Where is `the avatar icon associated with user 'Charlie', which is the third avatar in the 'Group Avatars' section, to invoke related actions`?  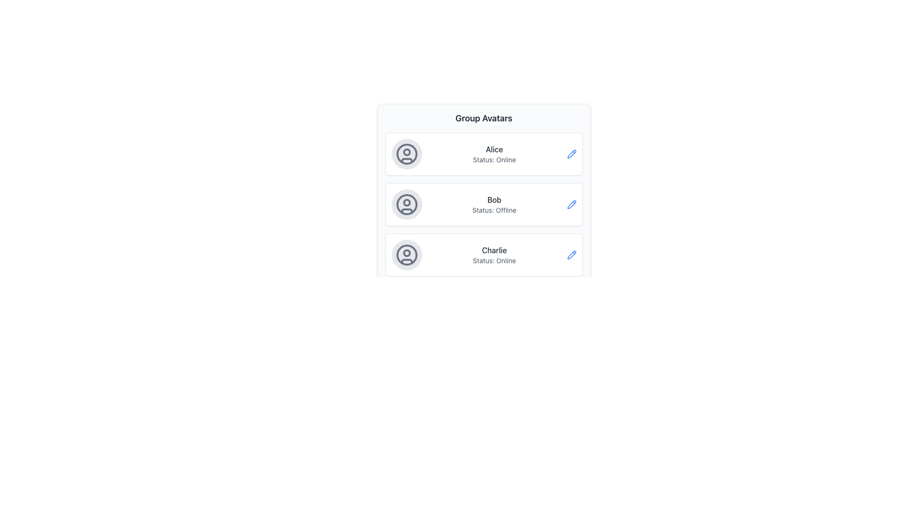
the avatar icon associated with user 'Charlie', which is the third avatar in the 'Group Avatars' section, to invoke related actions is located at coordinates (407, 253).